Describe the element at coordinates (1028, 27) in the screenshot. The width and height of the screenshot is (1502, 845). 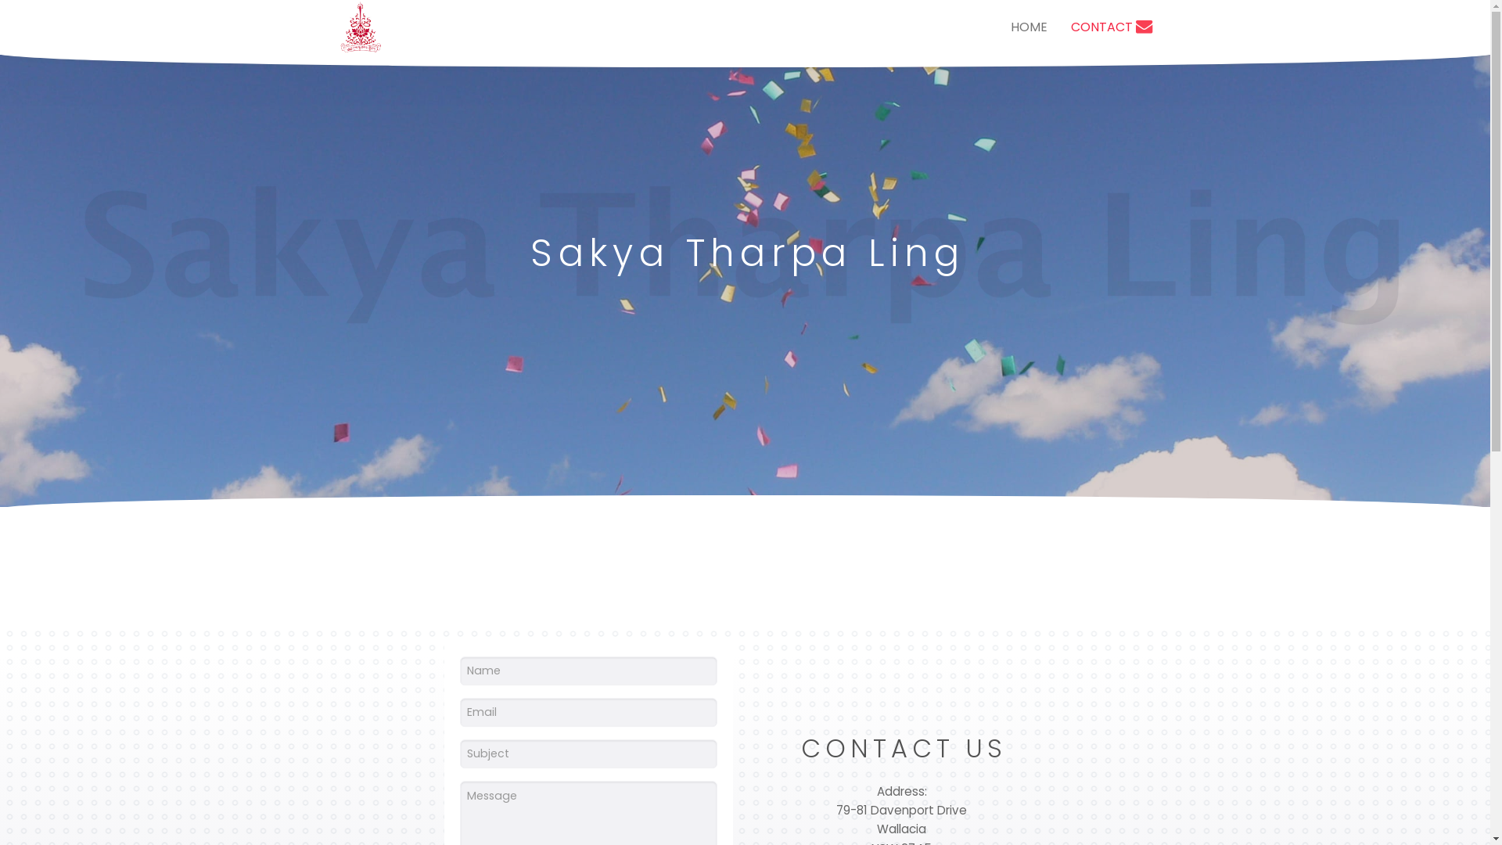
I see `'HOME'` at that location.